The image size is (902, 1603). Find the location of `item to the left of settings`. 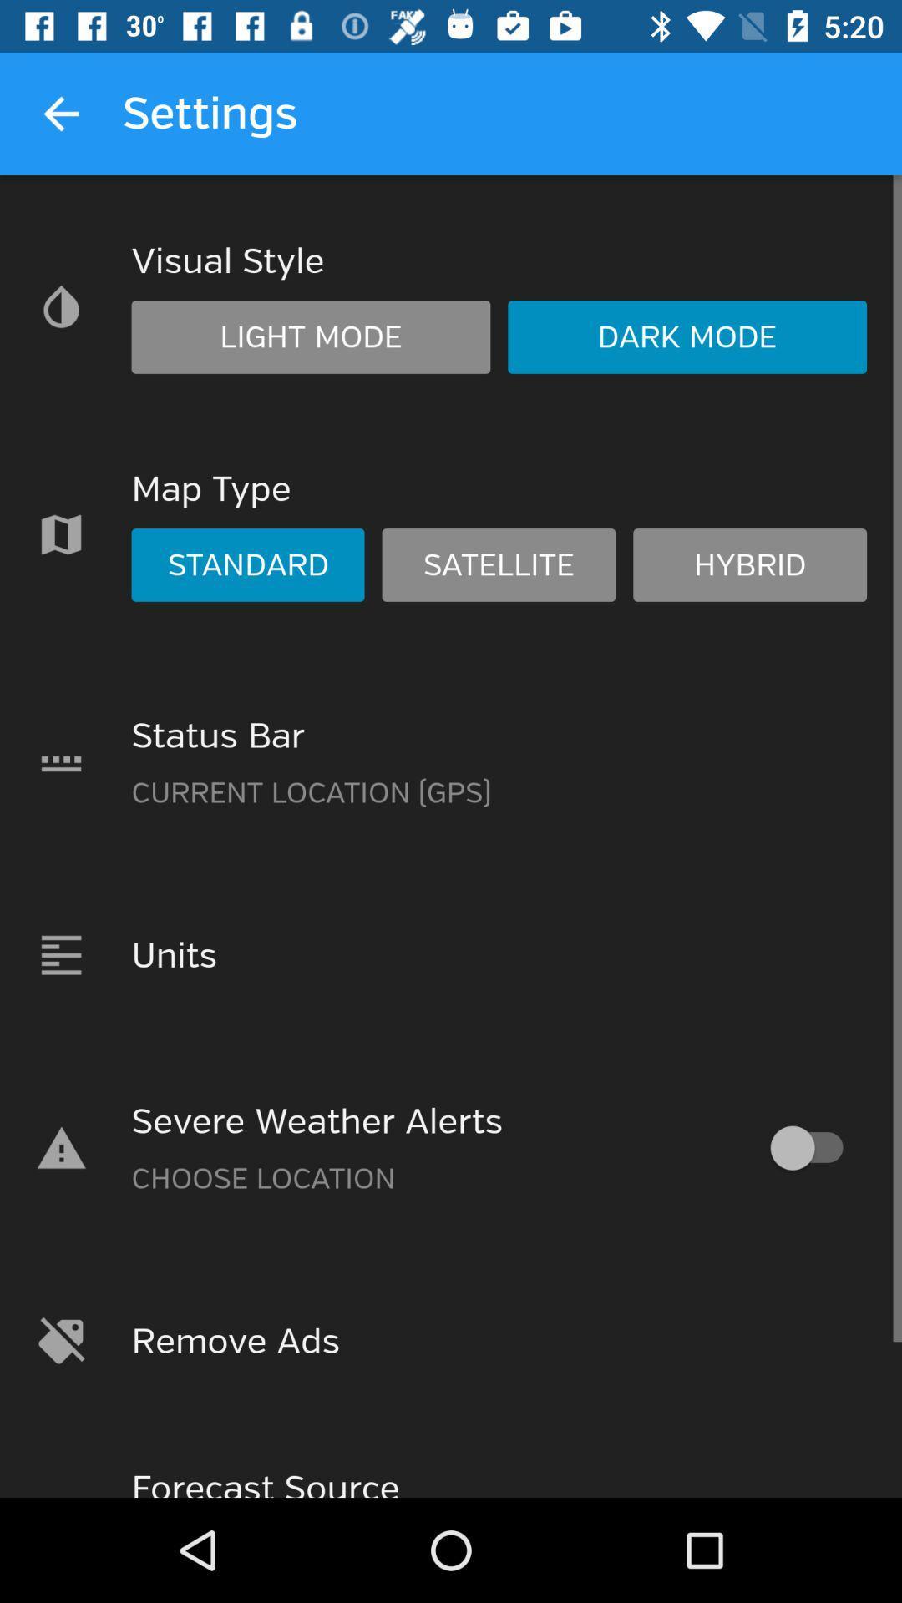

item to the left of settings is located at coordinates (60, 113).